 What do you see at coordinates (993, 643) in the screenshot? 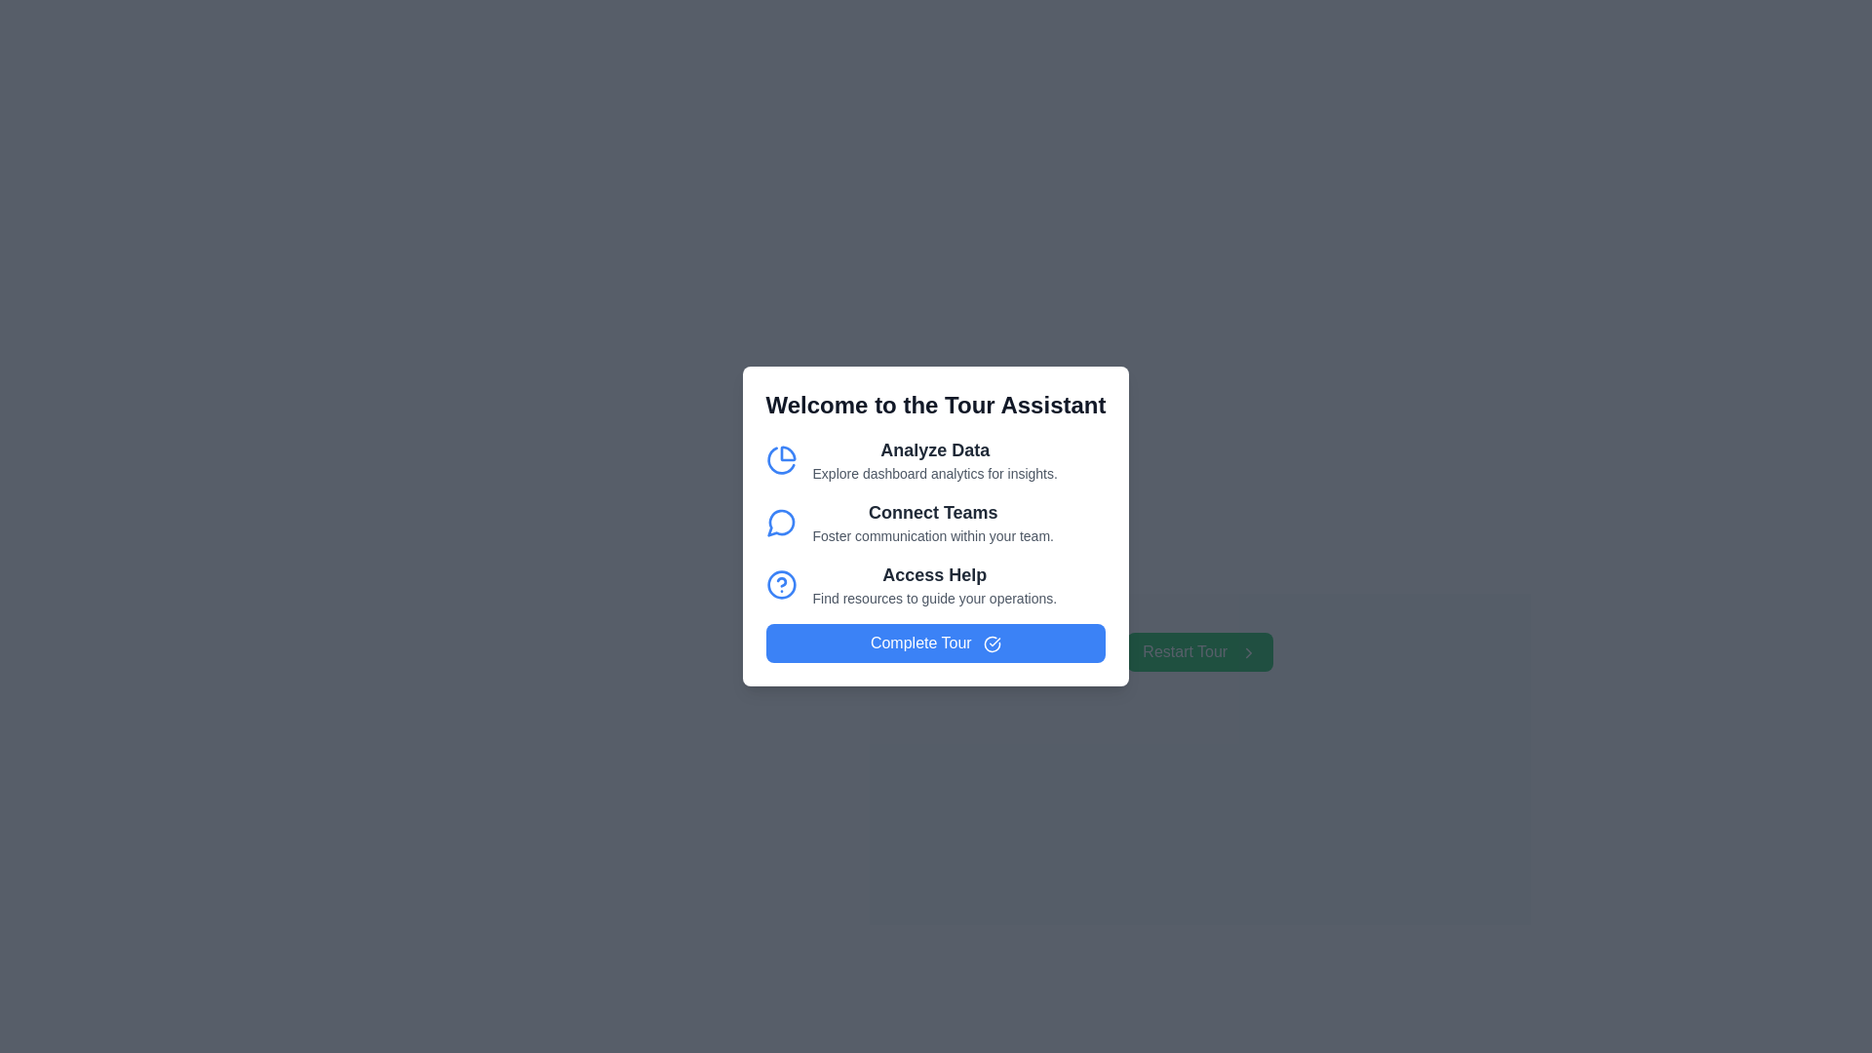
I see `the vector graphic segment within the 'Complete Tour' button, which visually indicates completion or success, located adjacent to the text 'Complete Tour'` at bounding box center [993, 643].